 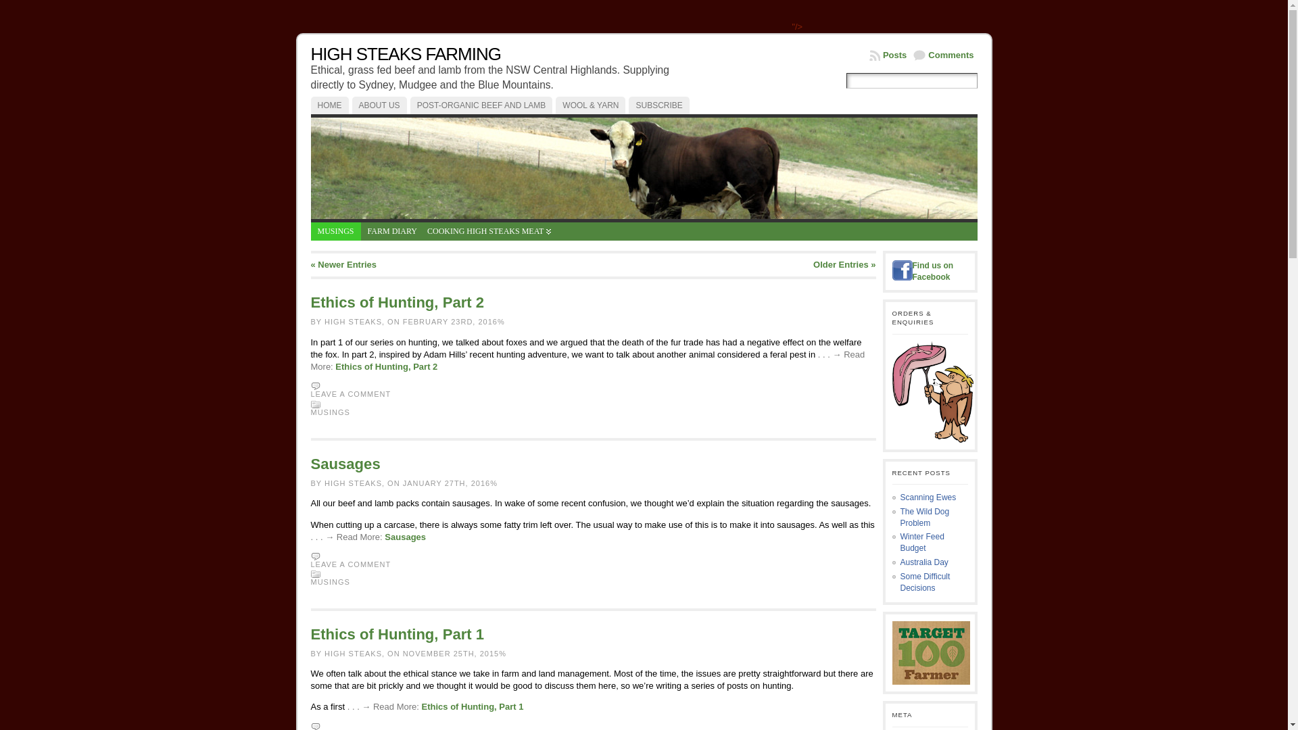 I want to click on 'FARM DIARY', so click(x=391, y=230).